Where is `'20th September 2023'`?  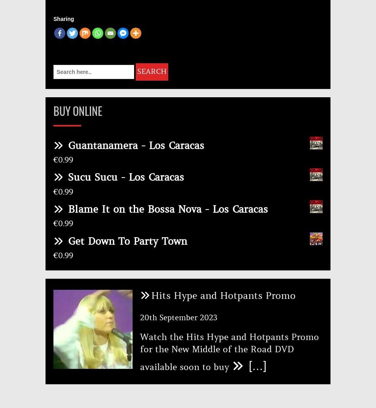 '20th September 2023' is located at coordinates (139, 317).